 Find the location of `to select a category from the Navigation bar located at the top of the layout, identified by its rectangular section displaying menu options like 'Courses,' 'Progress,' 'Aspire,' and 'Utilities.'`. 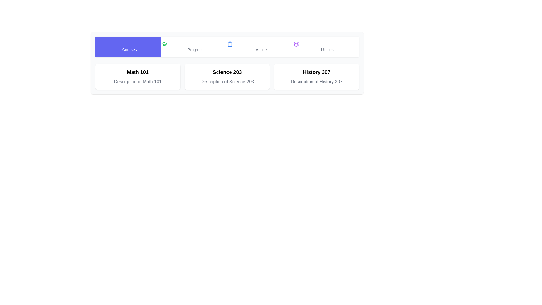

to select a category from the Navigation bar located at the top of the layout, identified by its rectangular section displaying menu options like 'Courses,' 'Progress,' 'Aspire,' and 'Utilities.' is located at coordinates (227, 46).